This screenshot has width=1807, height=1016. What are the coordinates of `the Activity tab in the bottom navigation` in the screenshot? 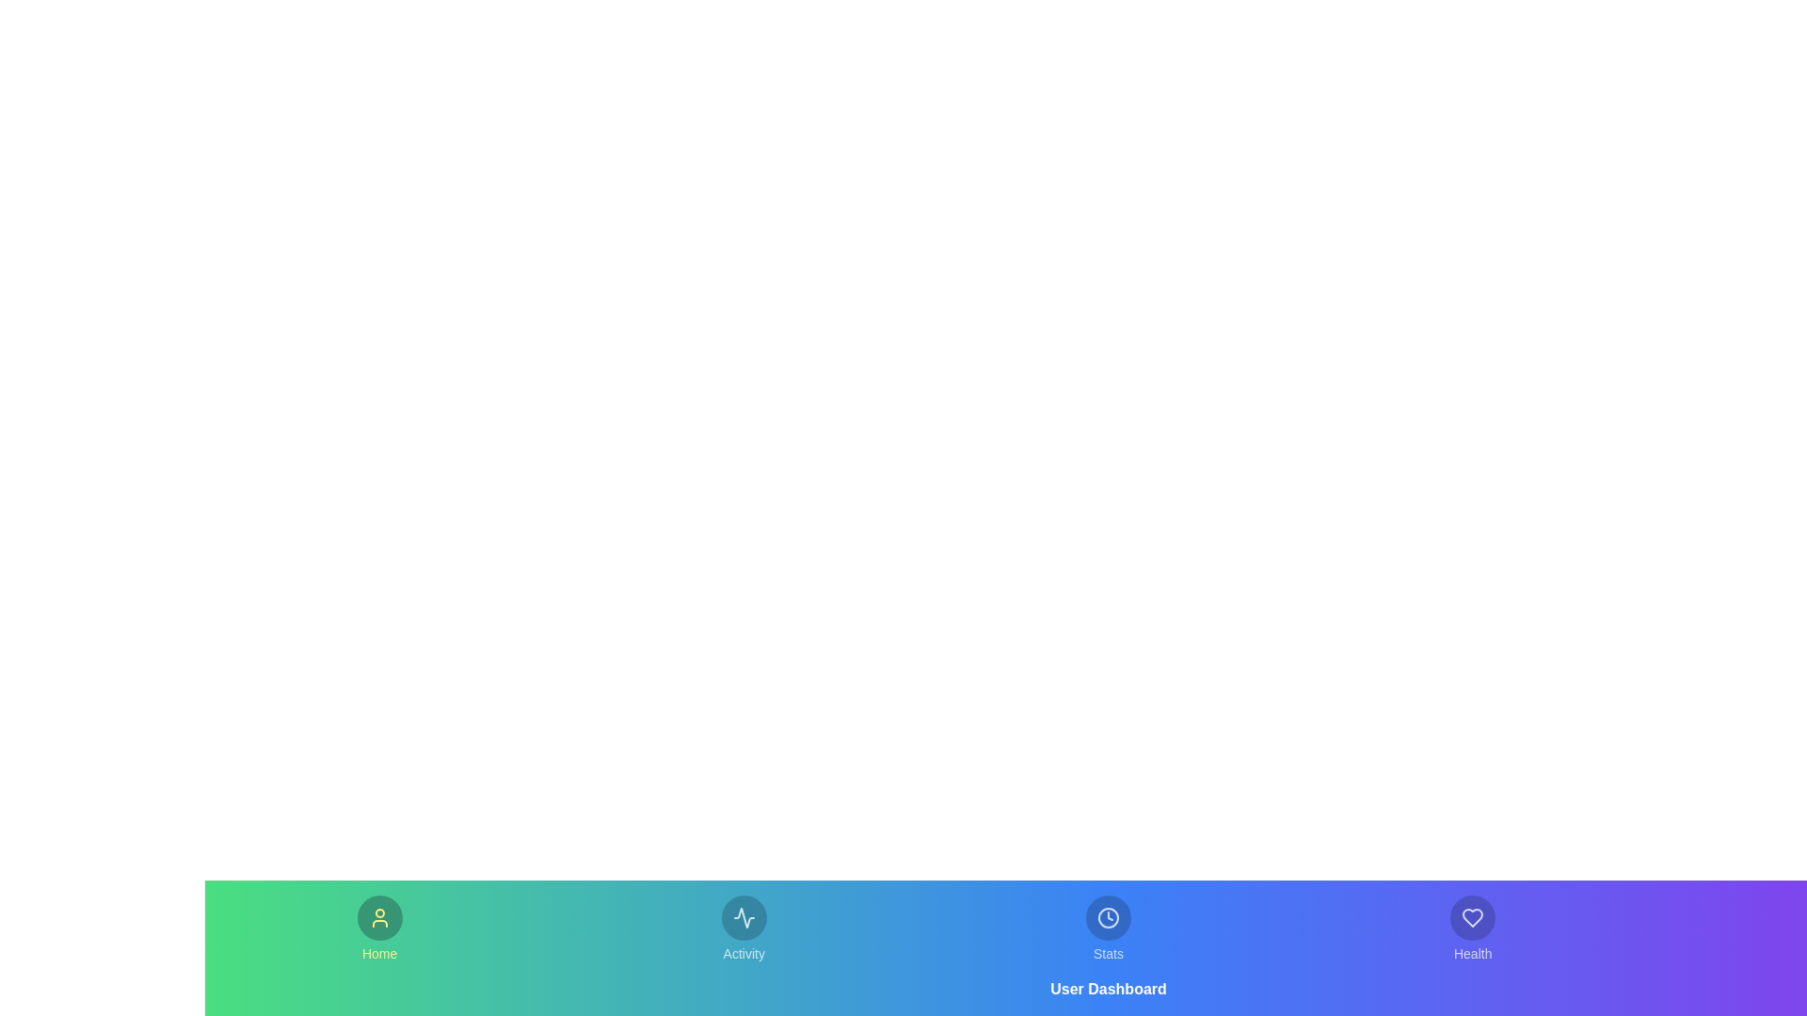 It's located at (743, 928).